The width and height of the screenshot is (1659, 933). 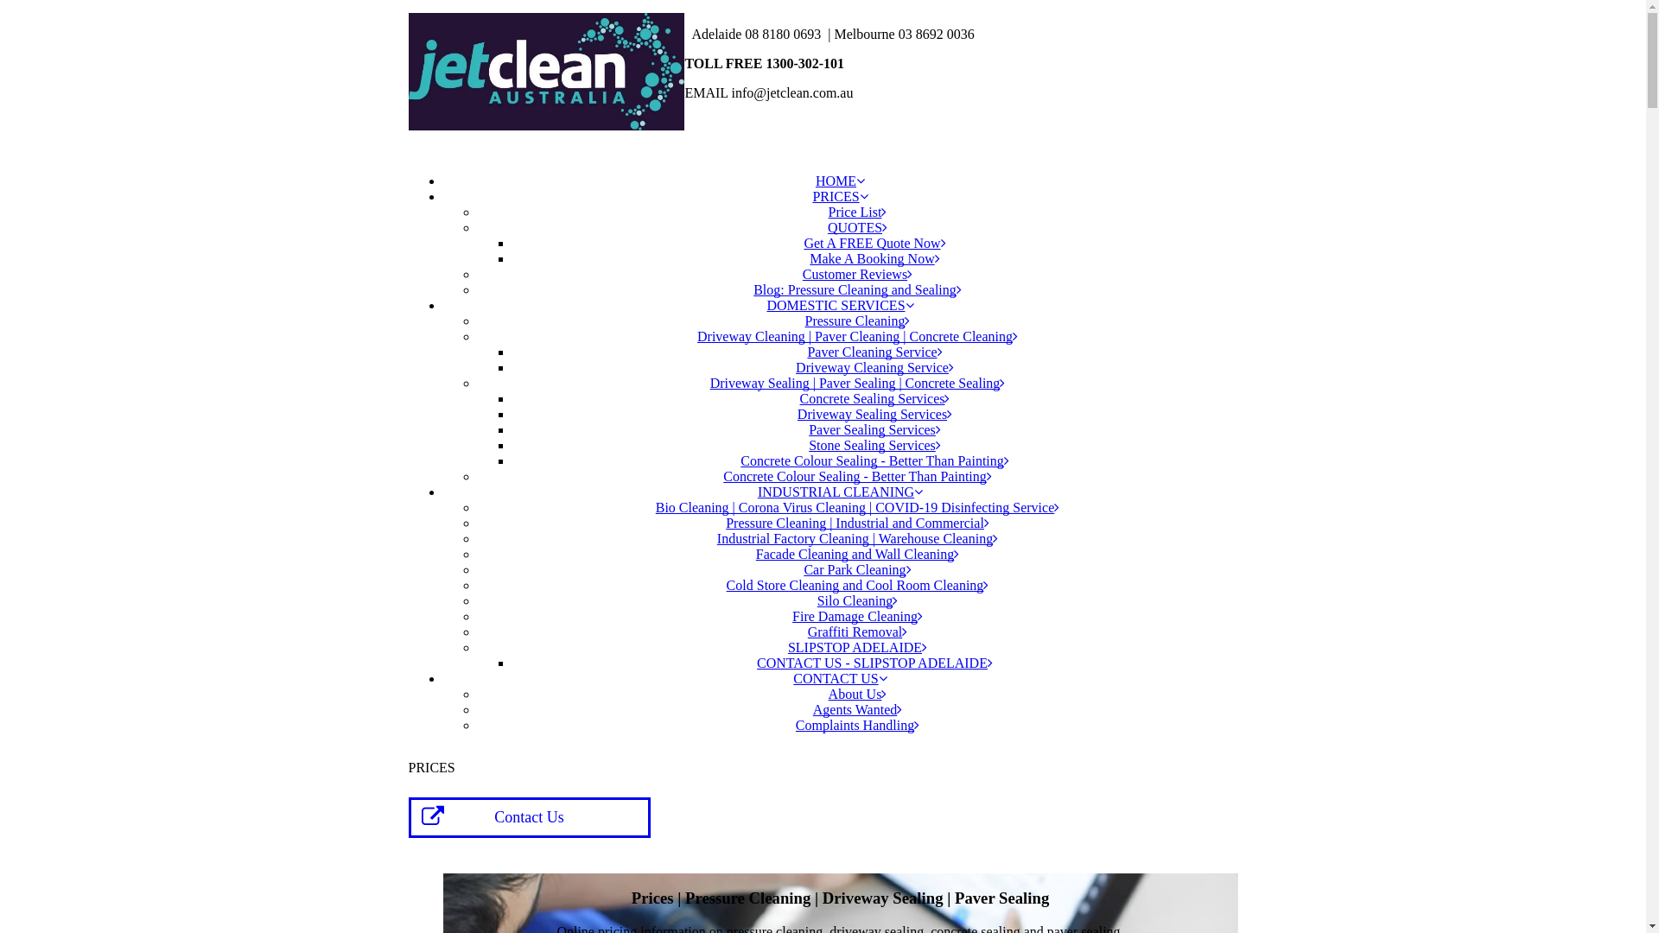 What do you see at coordinates (858, 584) in the screenshot?
I see `'Cold Store Cleaning and Cool Room Cleaning'` at bounding box center [858, 584].